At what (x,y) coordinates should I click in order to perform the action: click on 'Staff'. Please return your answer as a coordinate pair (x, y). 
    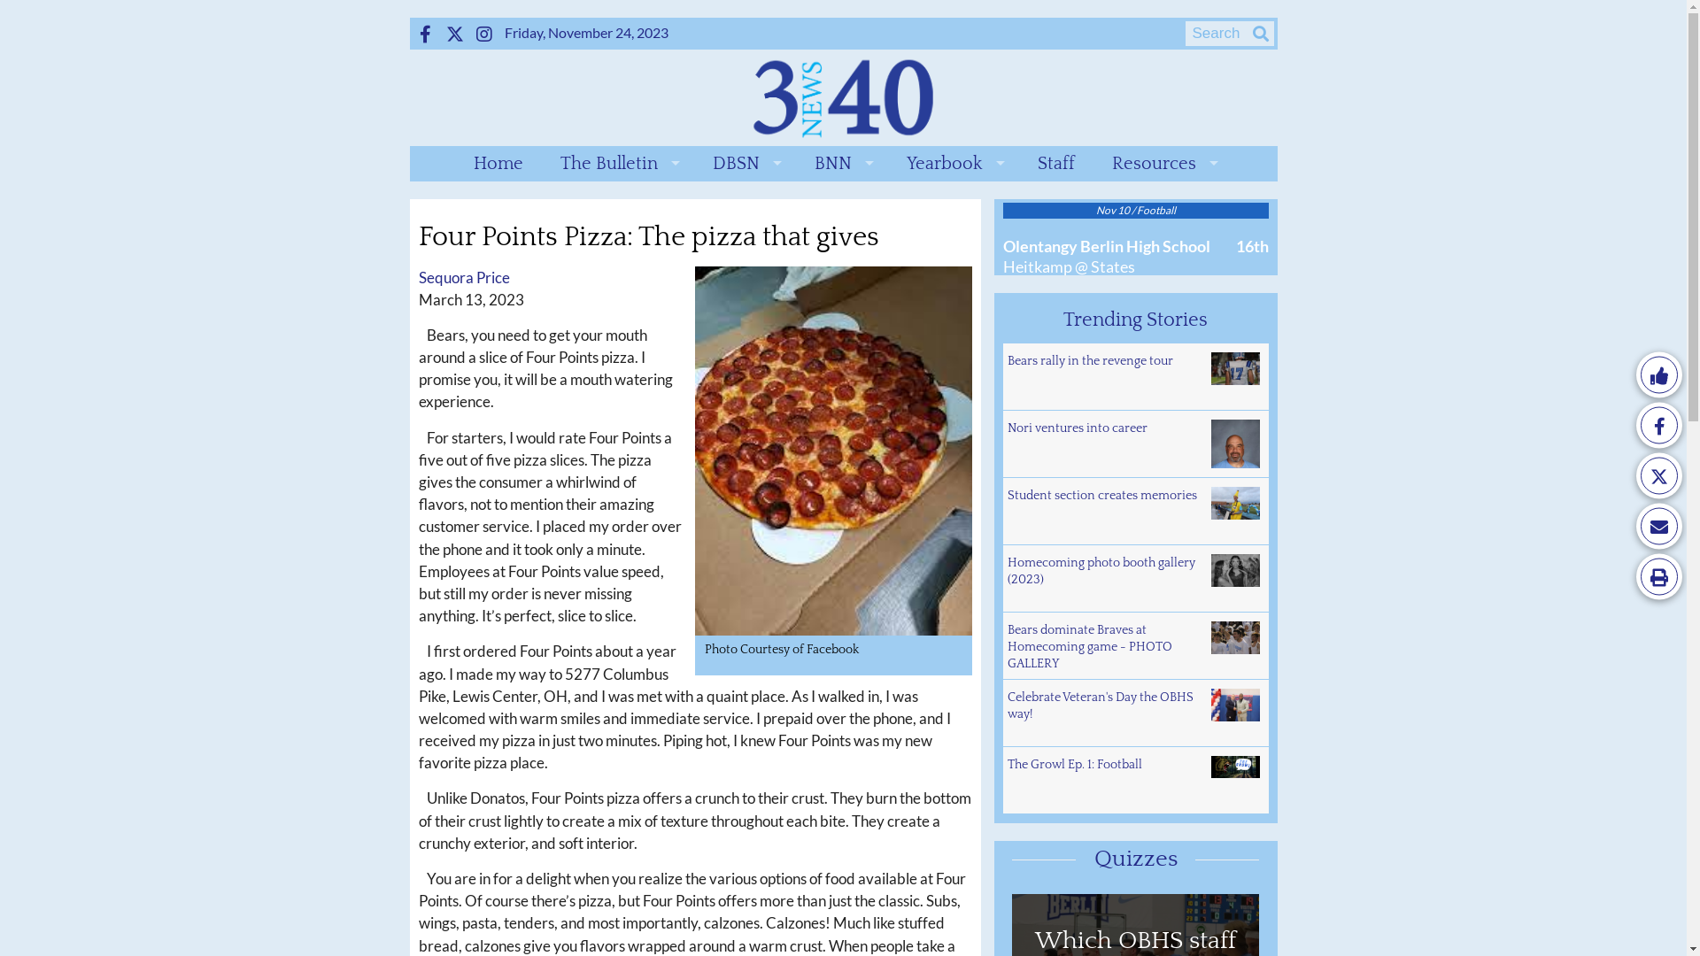
    Looking at the image, I should click on (1056, 164).